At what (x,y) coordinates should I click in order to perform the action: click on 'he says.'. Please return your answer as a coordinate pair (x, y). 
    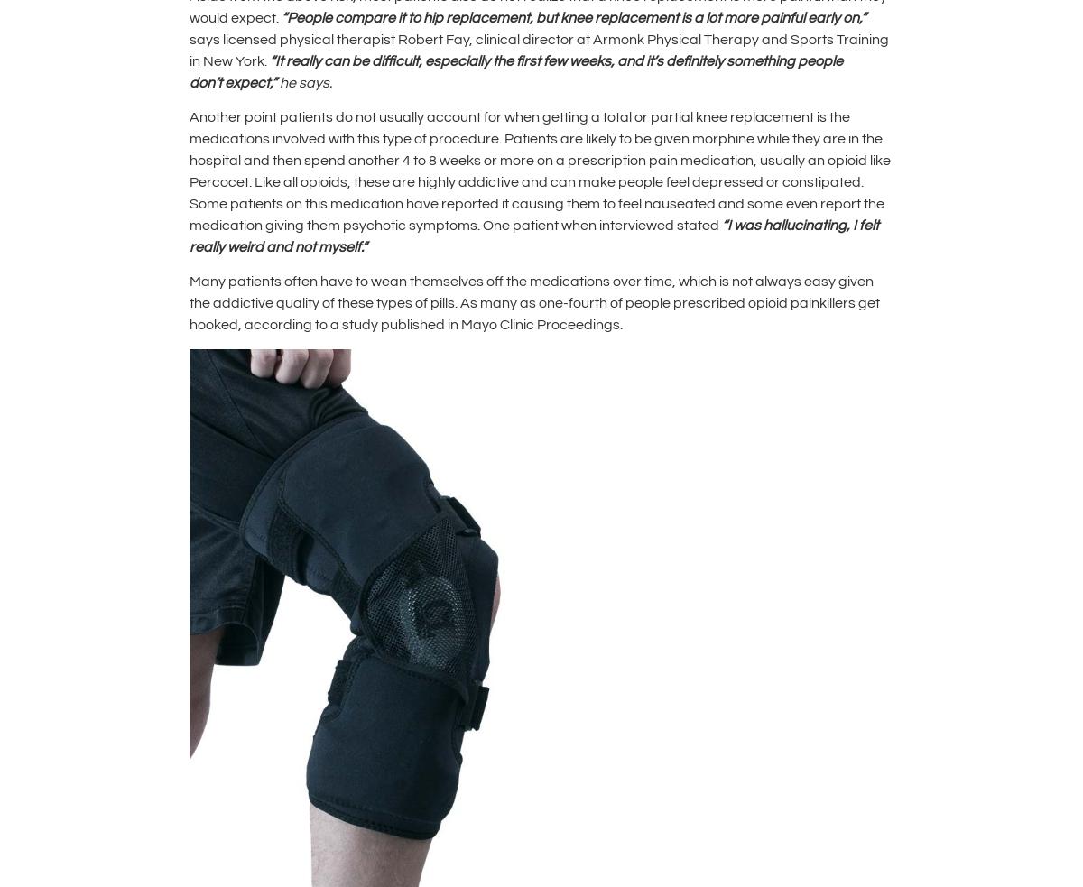
    Looking at the image, I should click on (305, 81).